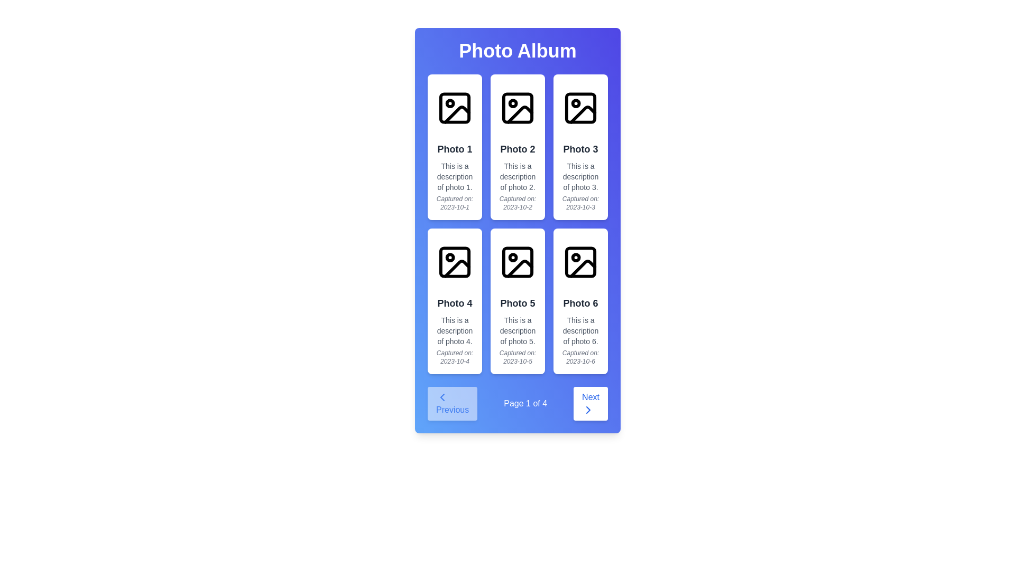 The width and height of the screenshot is (1015, 570). What do you see at coordinates (455, 301) in the screenshot?
I see `the photo card in the grid layout located at the fourth position (first column, second row) that displays details of an individual photo, including its title, description, and captured date` at bounding box center [455, 301].